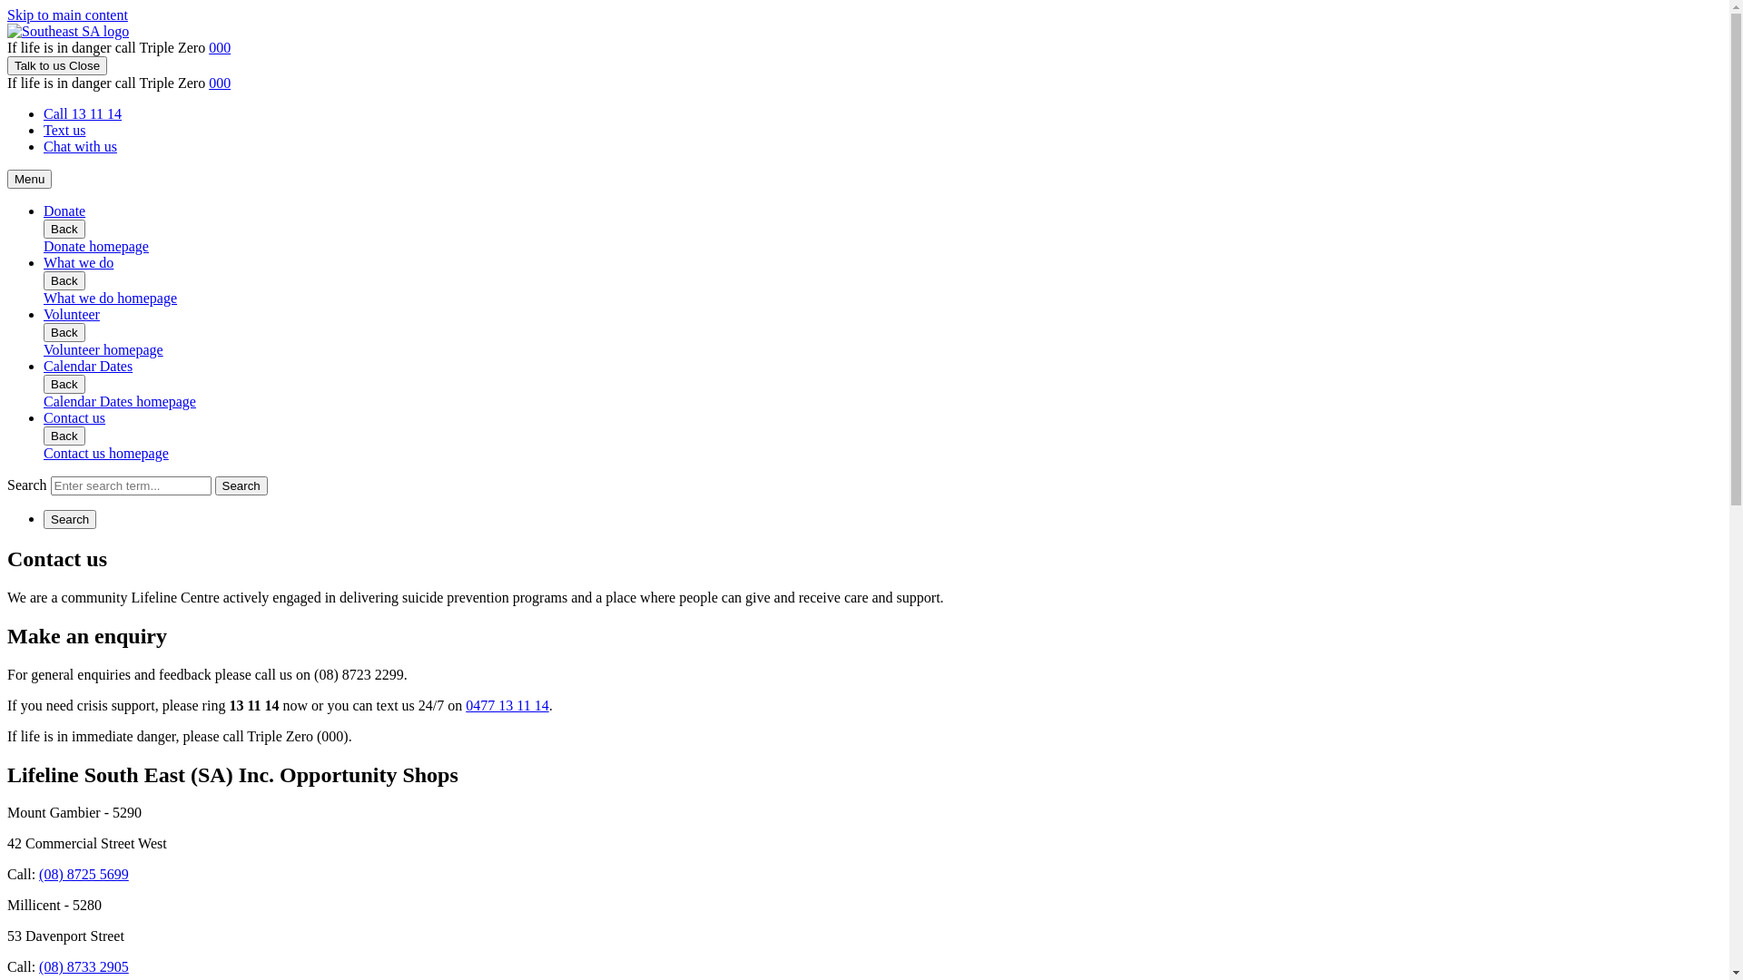 The width and height of the screenshot is (1743, 980). I want to click on 'Donate', so click(64, 210).